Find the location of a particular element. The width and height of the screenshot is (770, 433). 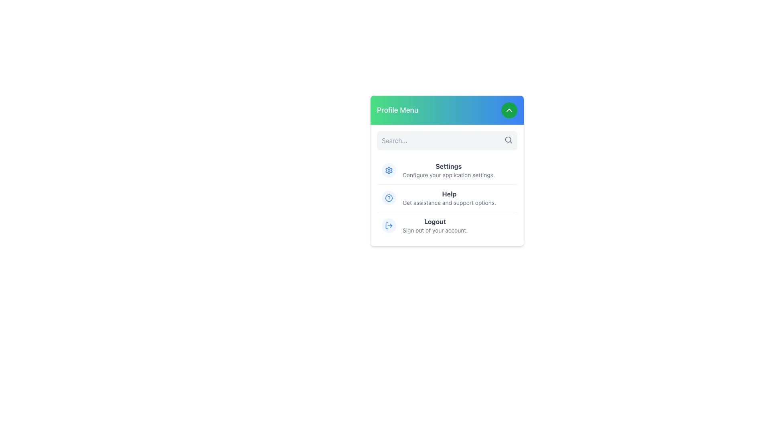

the circular blue-bordered icon with a question mark representing the 'Help' menu option, located to the left of the bolded text 'Help' is located at coordinates (389, 198).